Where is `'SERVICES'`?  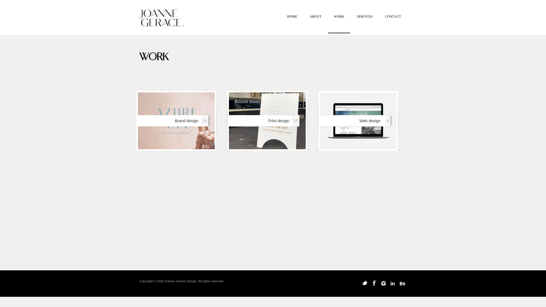
'SERVICES' is located at coordinates (365, 23).